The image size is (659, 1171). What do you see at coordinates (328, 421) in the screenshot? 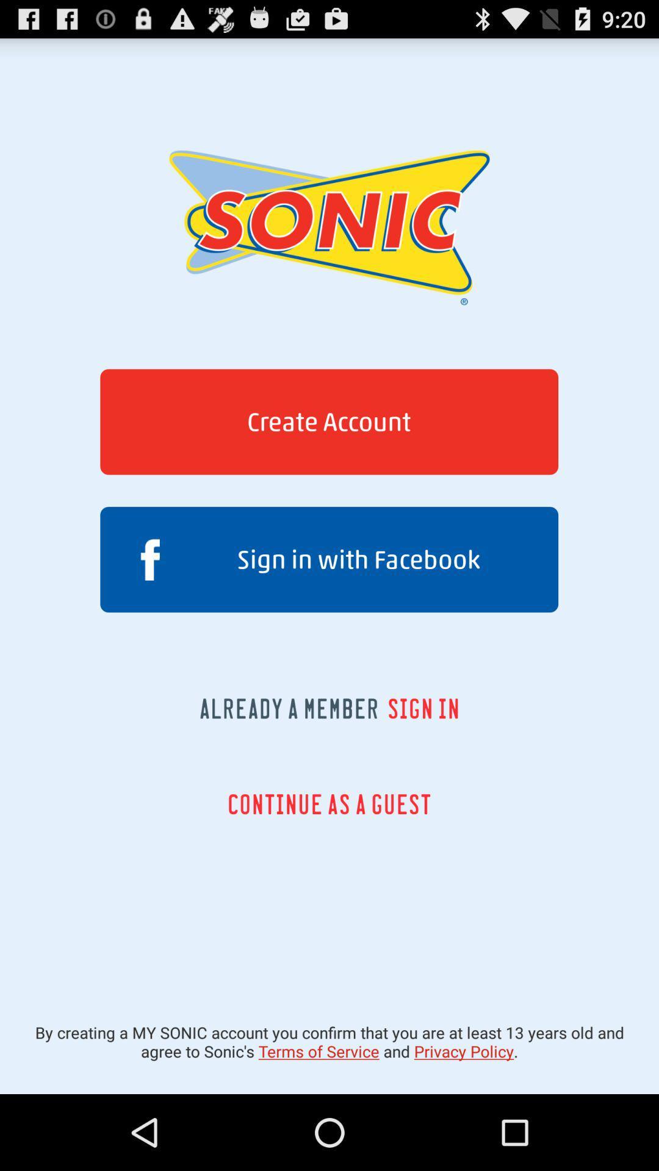
I see `the button above sign in with item` at bounding box center [328, 421].